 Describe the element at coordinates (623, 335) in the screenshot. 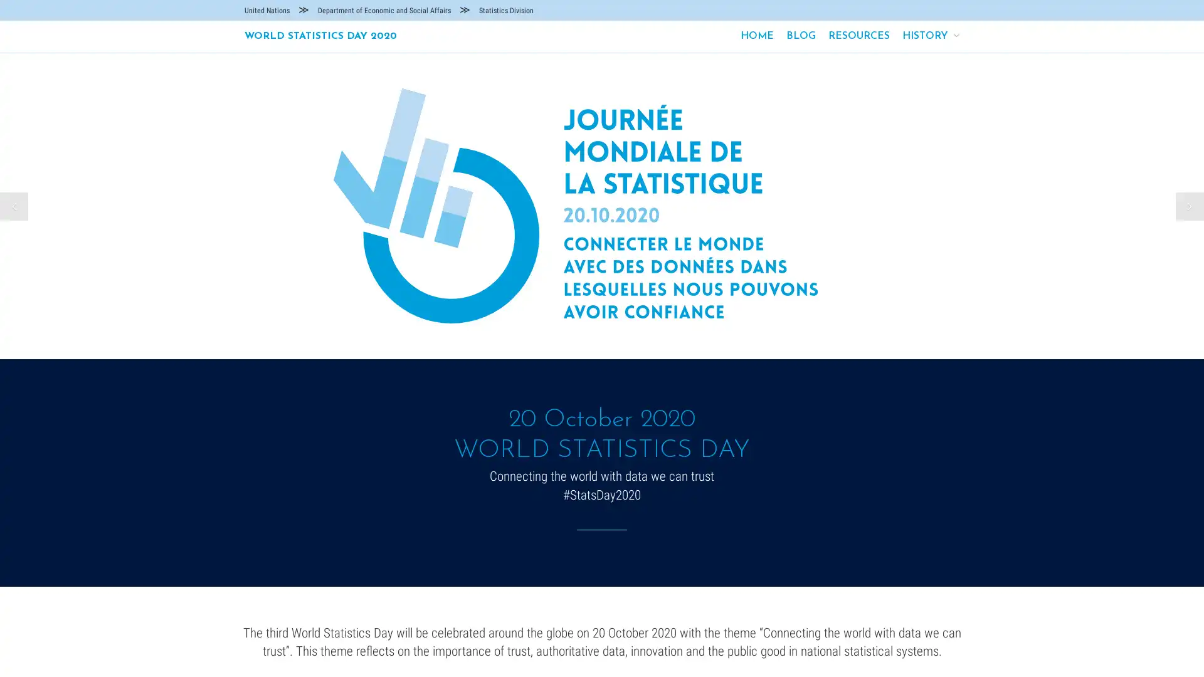

I see `5` at that location.